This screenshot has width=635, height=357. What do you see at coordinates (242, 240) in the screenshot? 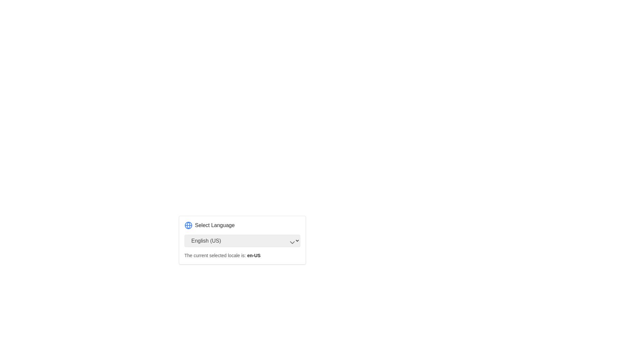
I see `the dropdown menu in the language selection interface` at bounding box center [242, 240].